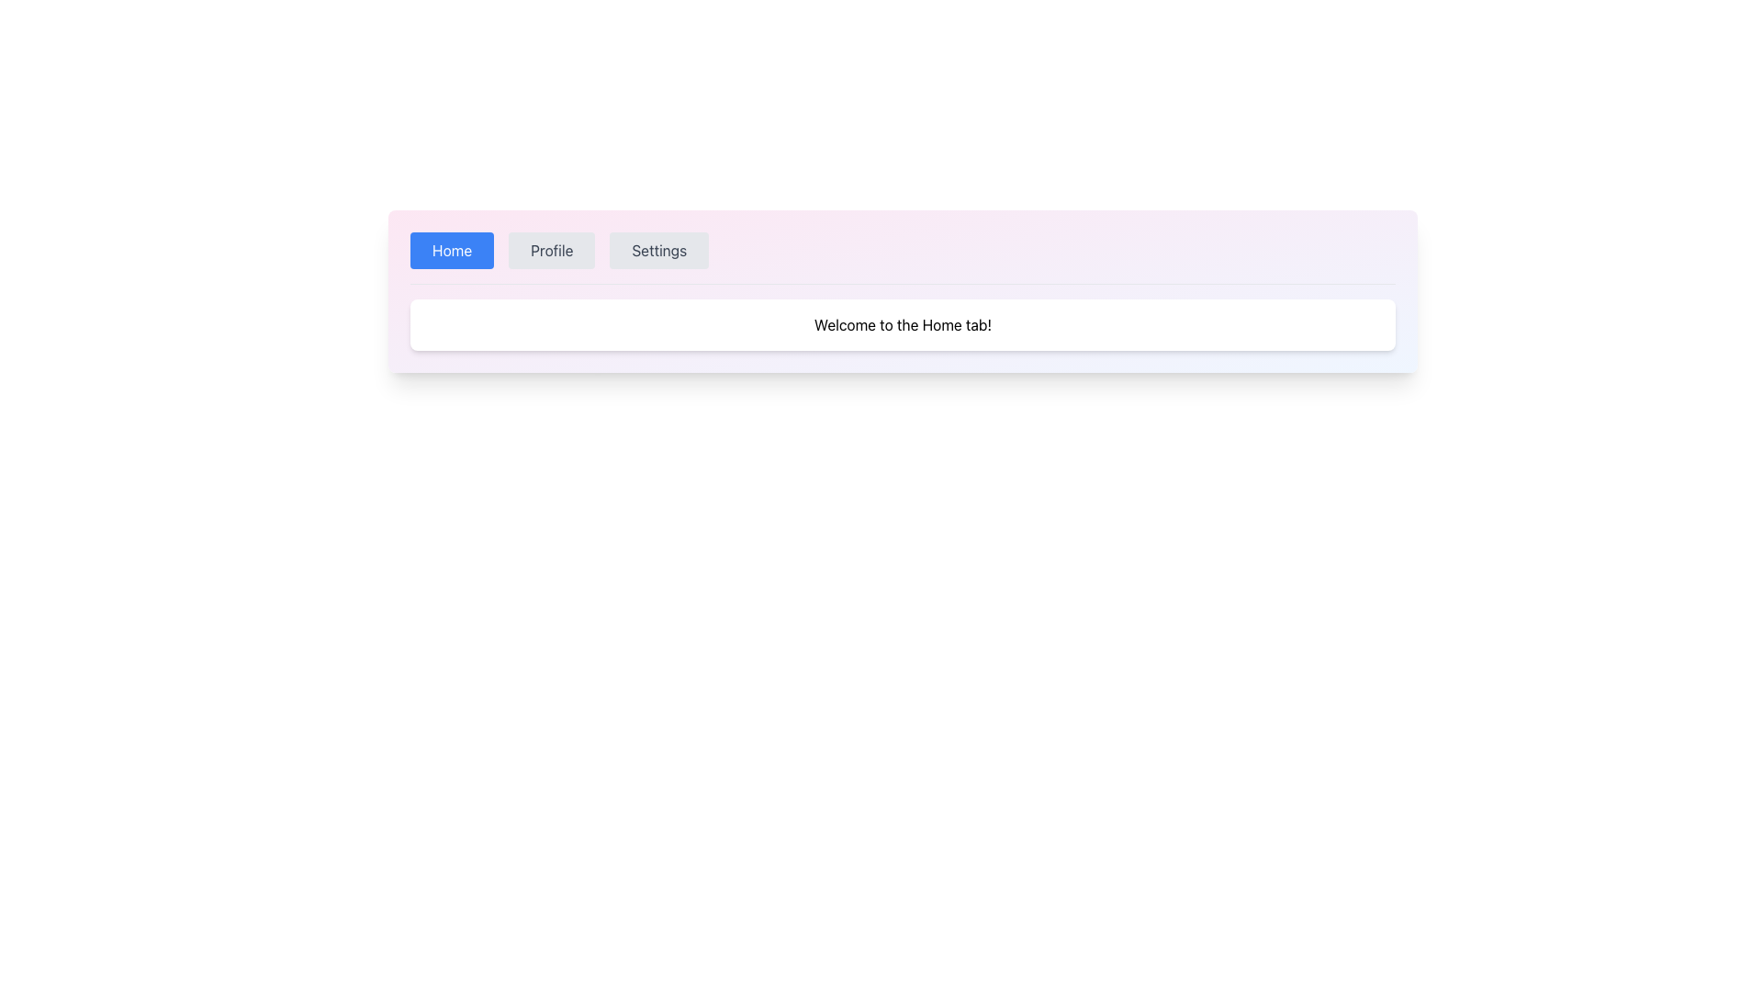 This screenshot has height=992, width=1763. What do you see at coordinates (659, 251) in the screenshot?
I see `the settings navigation button located at the far right of the top section of the interface for accessibility navigation` at bounding box center [659, 251].